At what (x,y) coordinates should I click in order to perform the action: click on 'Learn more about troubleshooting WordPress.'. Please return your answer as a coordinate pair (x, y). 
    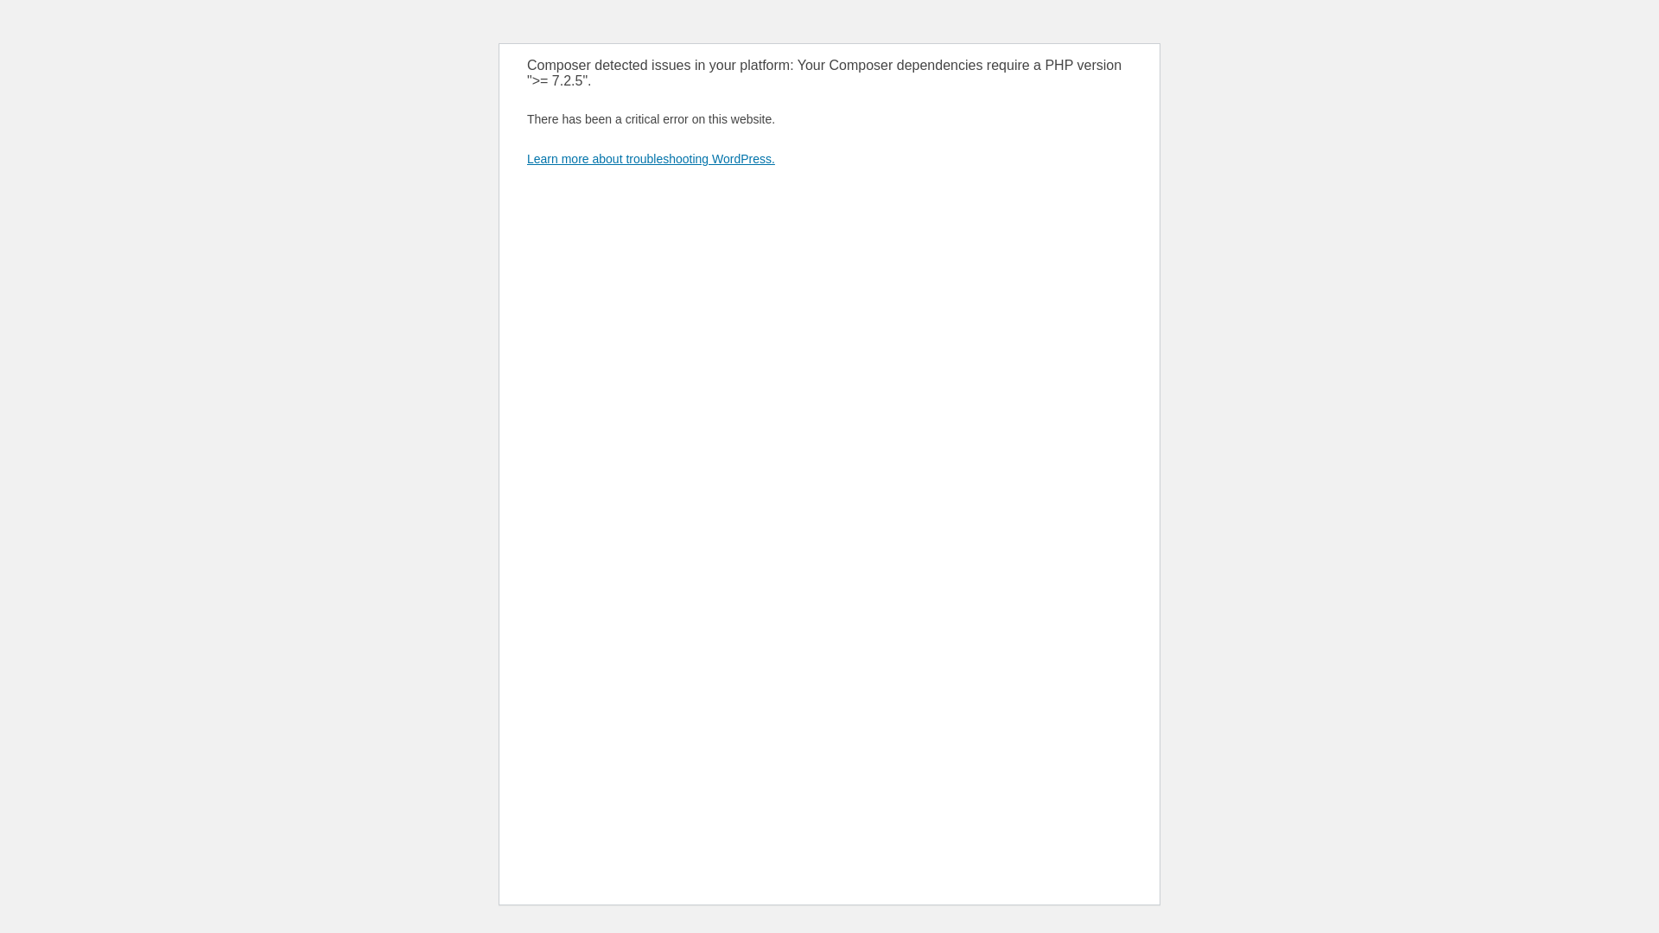
    Looking at the image, I should click on (650, 159).